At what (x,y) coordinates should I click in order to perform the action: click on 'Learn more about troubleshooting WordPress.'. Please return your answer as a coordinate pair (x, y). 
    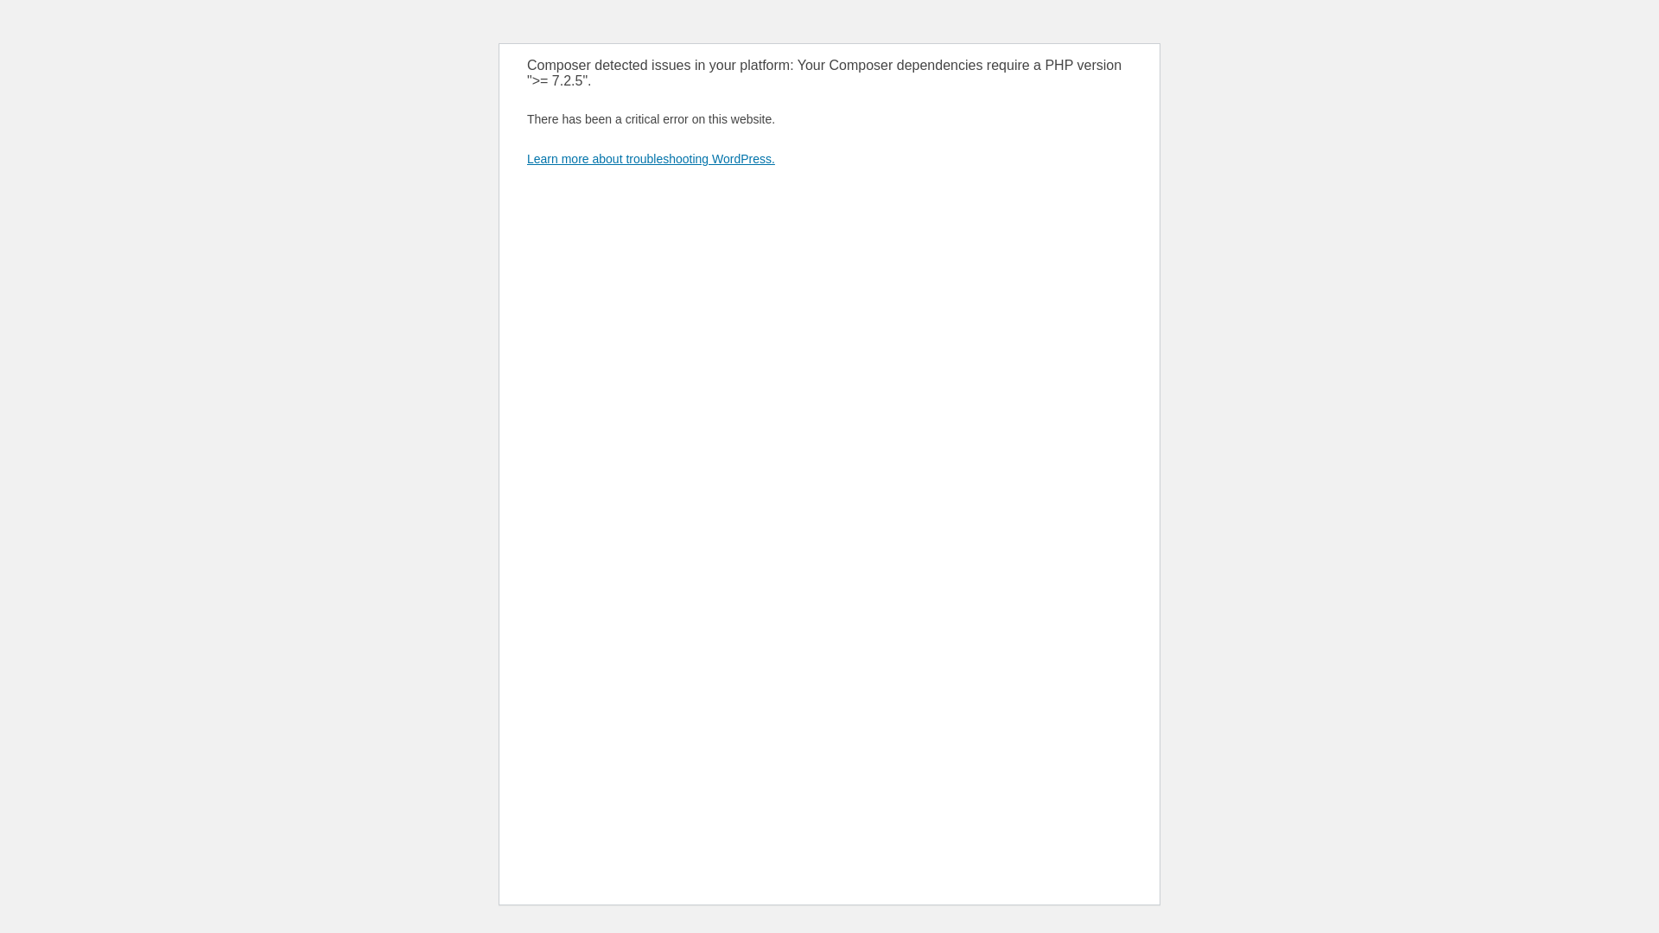
    Looking at the image, I should click on (650, 159).